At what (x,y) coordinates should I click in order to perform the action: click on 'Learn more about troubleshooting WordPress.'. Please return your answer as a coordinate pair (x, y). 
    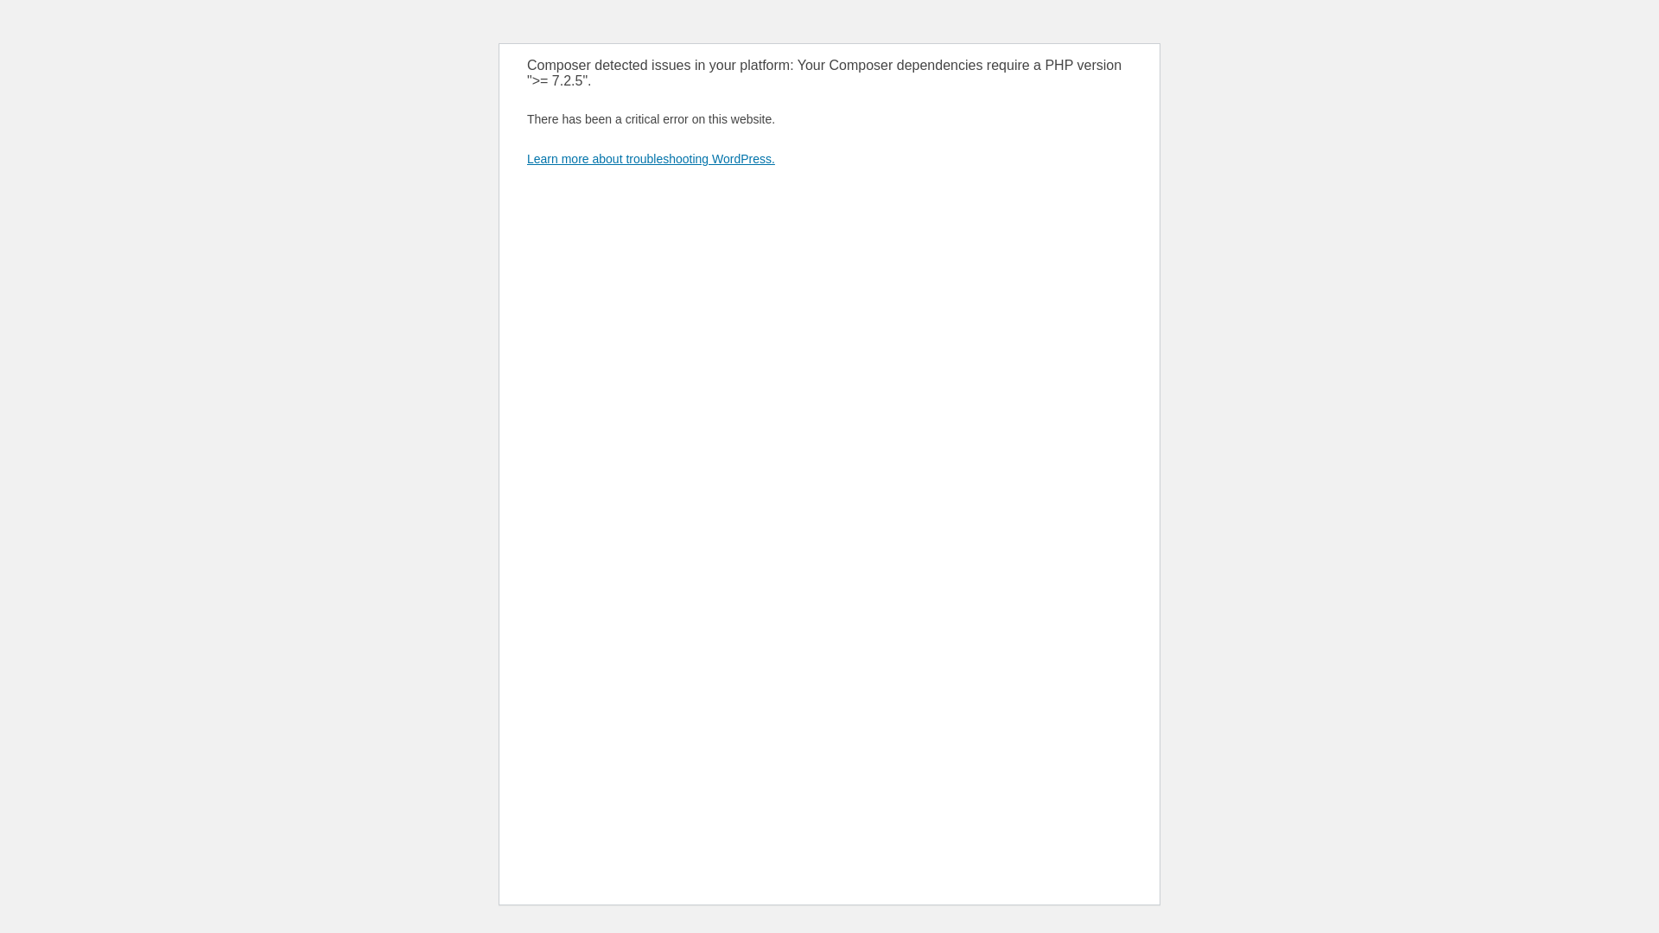
    Looking at the image, I should click on (650, 159).